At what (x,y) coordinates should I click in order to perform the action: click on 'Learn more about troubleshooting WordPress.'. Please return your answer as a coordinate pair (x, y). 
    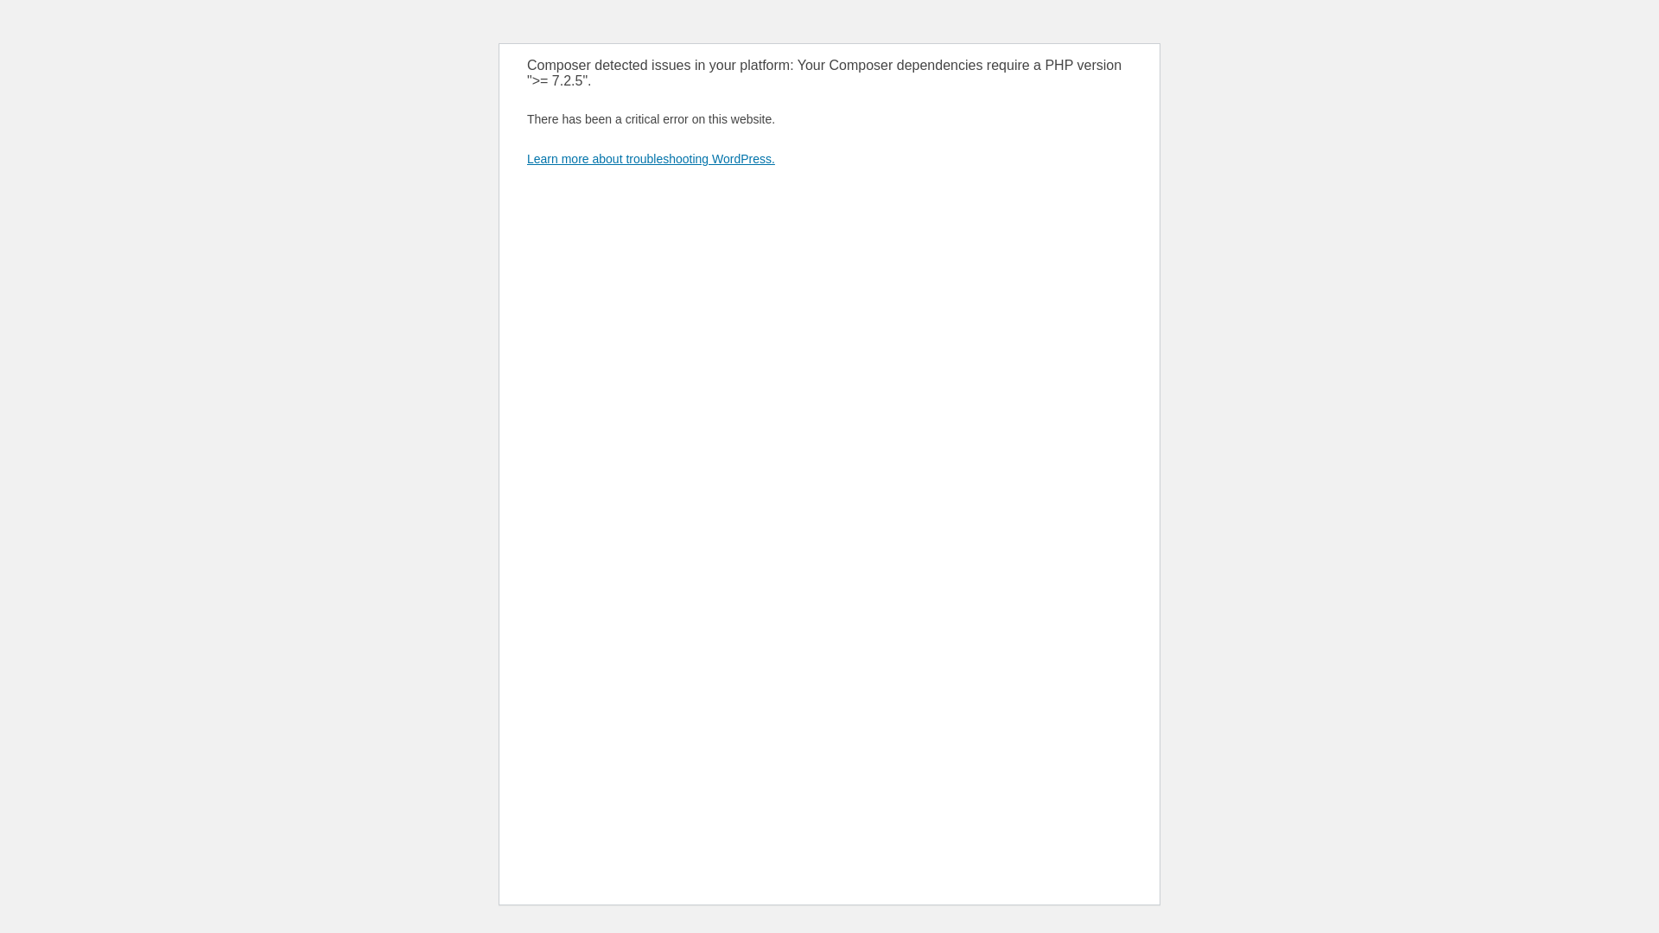
    Looking at the image, I should click on (650, 159).